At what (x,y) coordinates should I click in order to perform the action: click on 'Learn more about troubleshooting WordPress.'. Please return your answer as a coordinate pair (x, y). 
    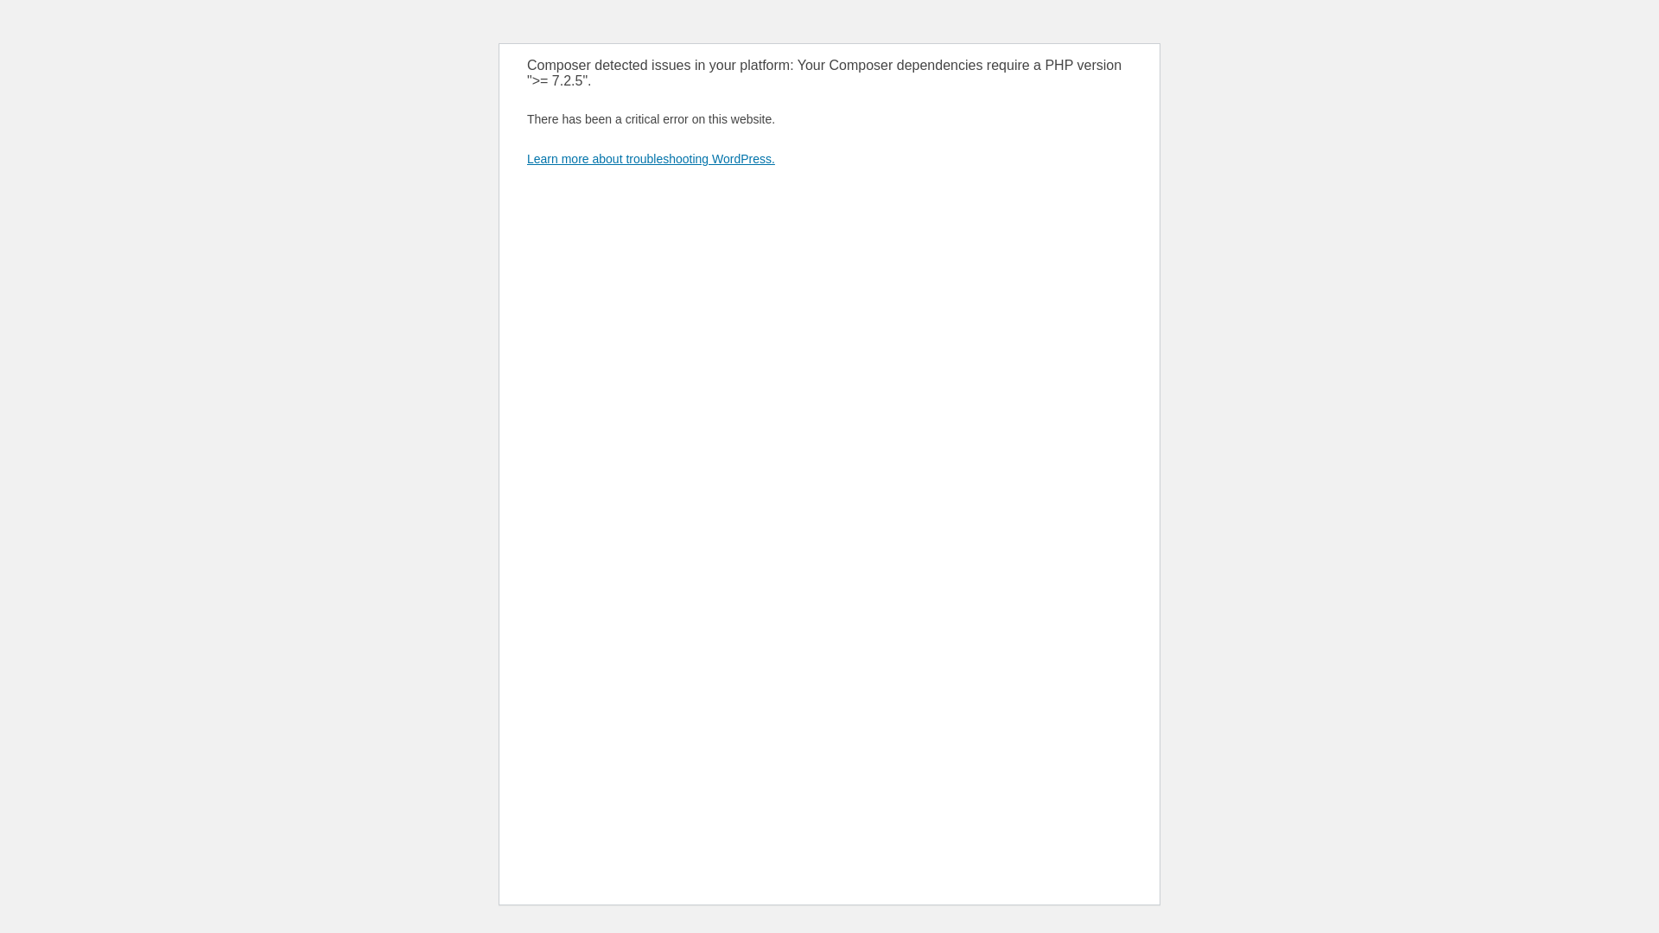
    Looking at the image, I should click on (650, 159).